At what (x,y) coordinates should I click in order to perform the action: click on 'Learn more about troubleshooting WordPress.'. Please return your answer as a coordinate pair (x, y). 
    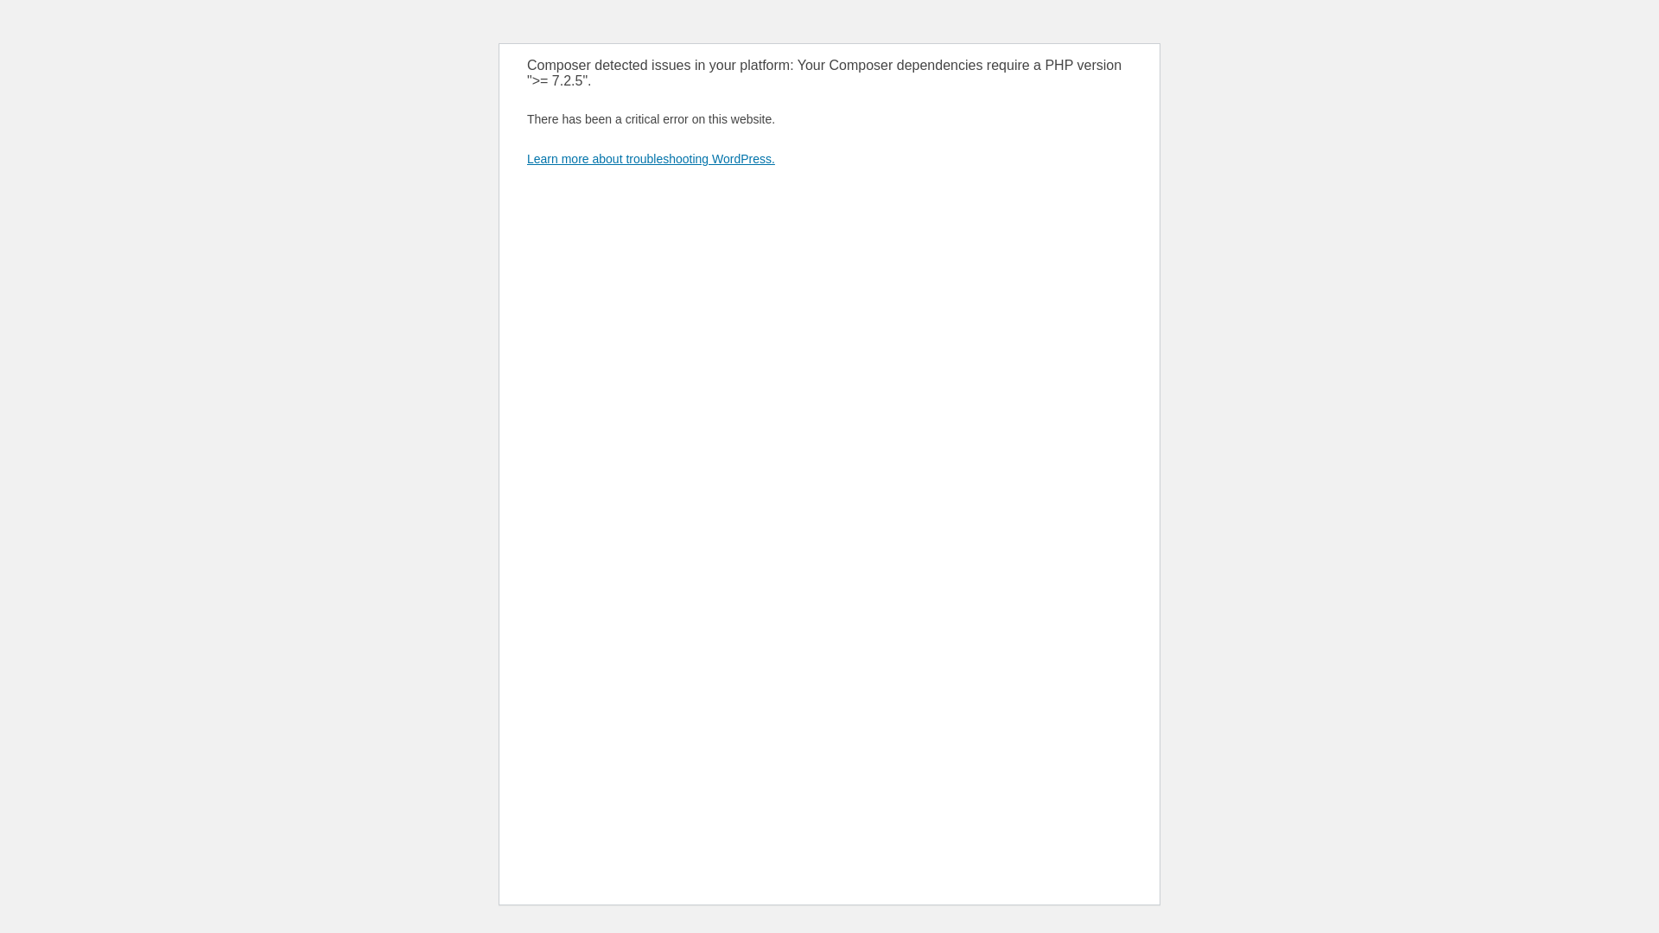
    Looking at the image, I should click on (650, 159).